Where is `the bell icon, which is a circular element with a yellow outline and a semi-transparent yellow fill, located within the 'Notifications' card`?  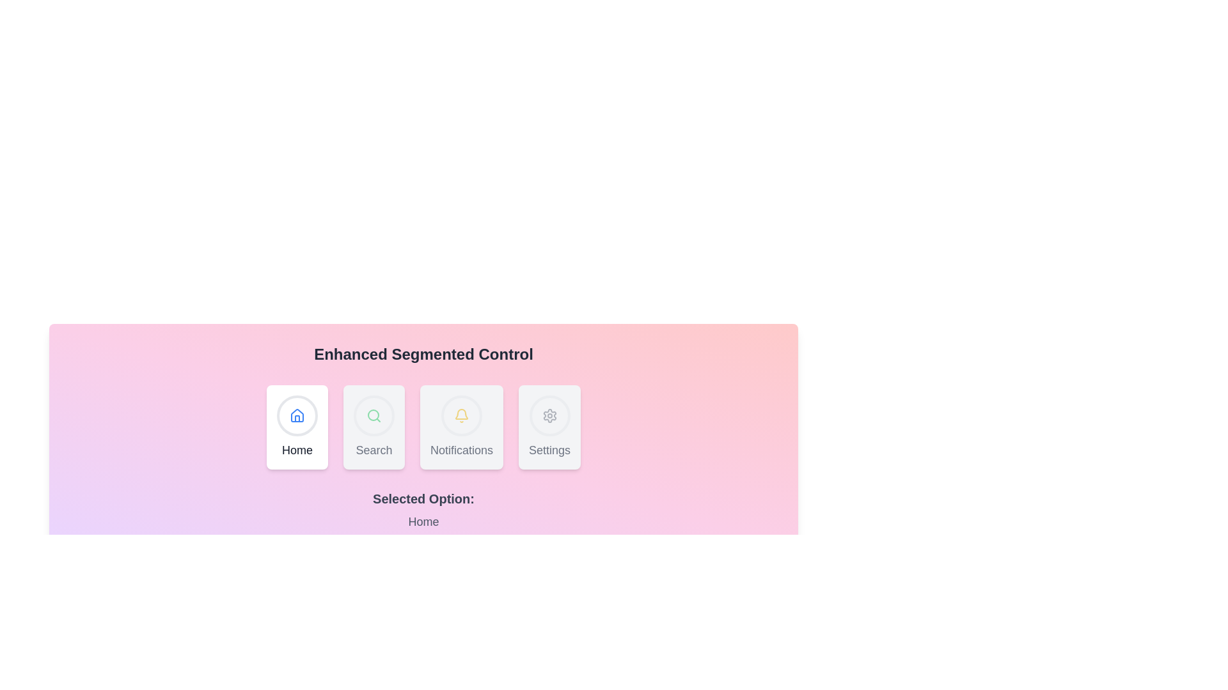 the bell icon, which is a circular element with a yellow outline and a semi-transparent yellow fill, located within the 'Notifications' card is located at coordinates (460, 416).